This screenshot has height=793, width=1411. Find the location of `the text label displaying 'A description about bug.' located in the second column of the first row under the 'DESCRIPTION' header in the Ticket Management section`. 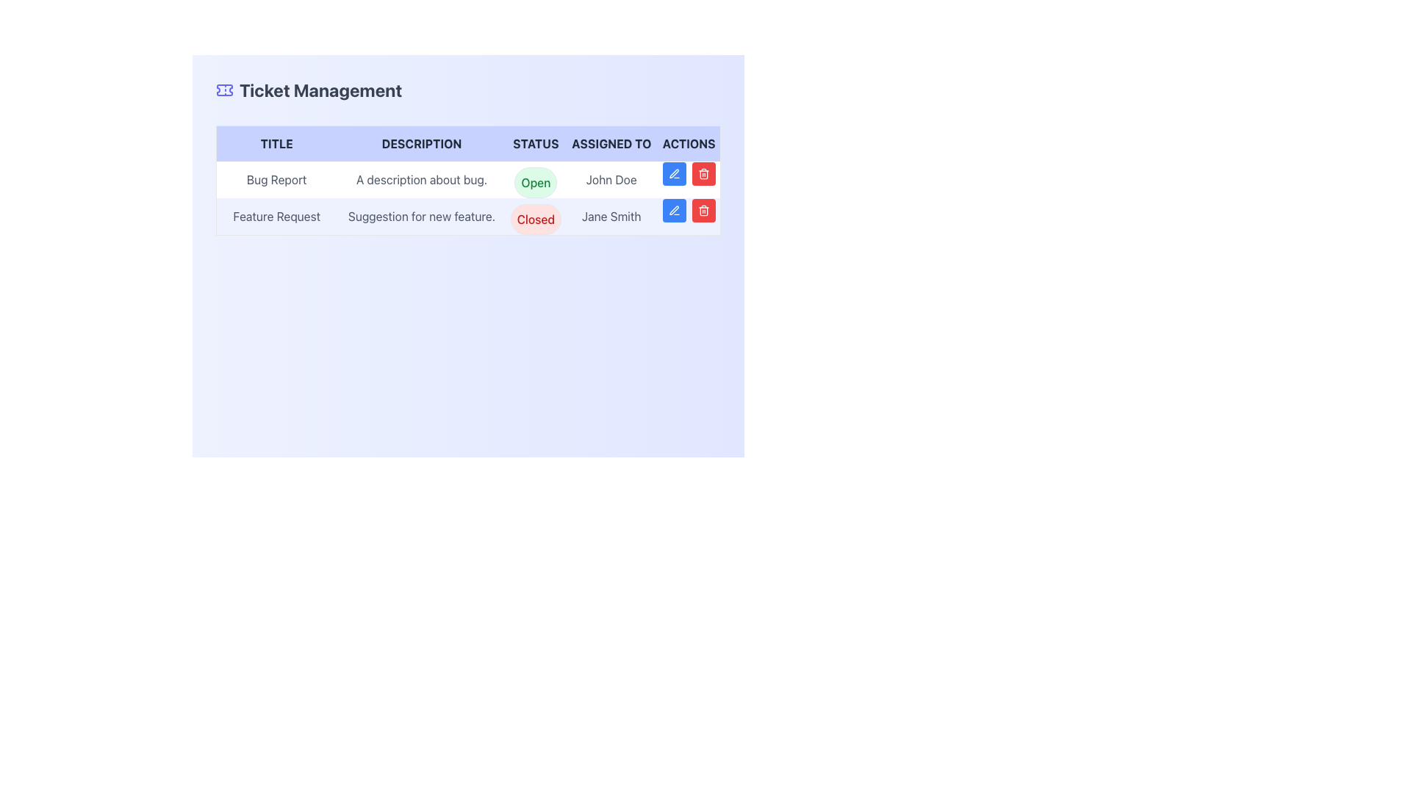

the text label displaying 'A description about bug.' located in the second column of the first row under the 'DESCRIPTION' header in the Ticket Management section is located at coordinates (421, 178).